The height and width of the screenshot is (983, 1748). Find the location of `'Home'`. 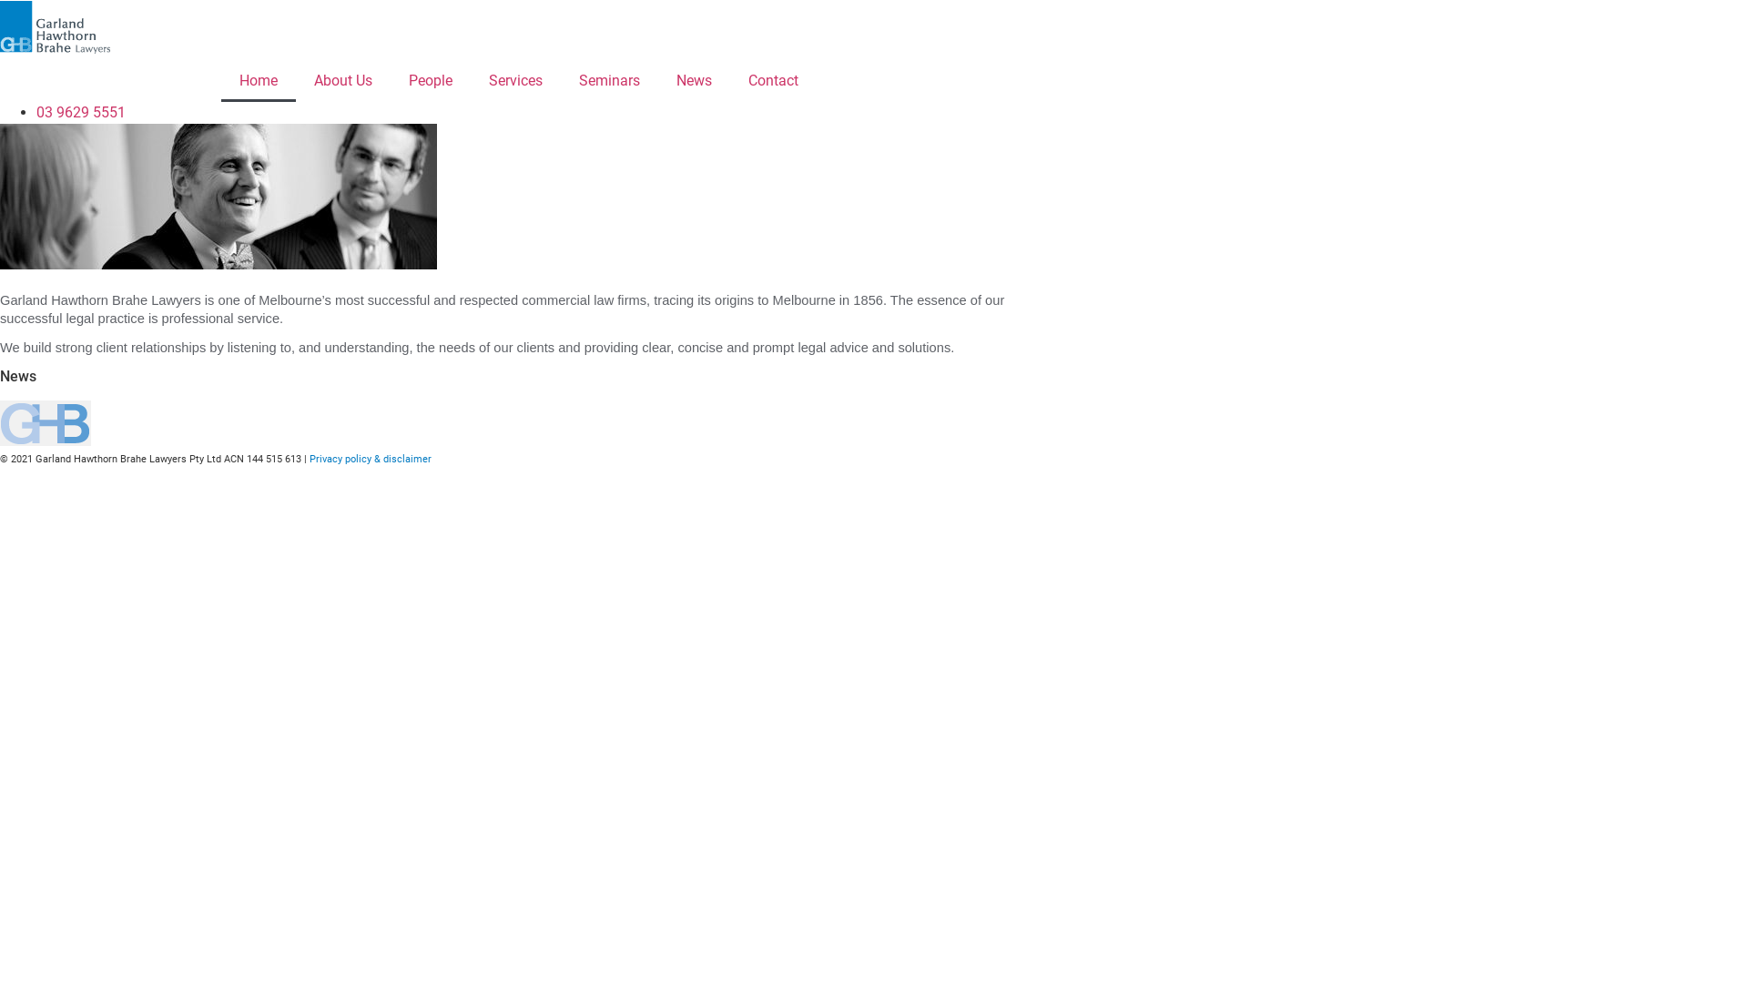

'Home' is located at coordinates (257, 79).